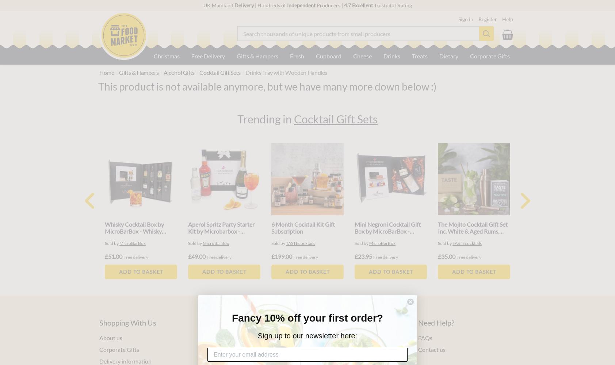 The height and width of the screenshot is (365, 615). What do you see at coordinates (270, 5) in the screenshot?
I see `'| Hundreds of'` at bounding box center [270, 5].